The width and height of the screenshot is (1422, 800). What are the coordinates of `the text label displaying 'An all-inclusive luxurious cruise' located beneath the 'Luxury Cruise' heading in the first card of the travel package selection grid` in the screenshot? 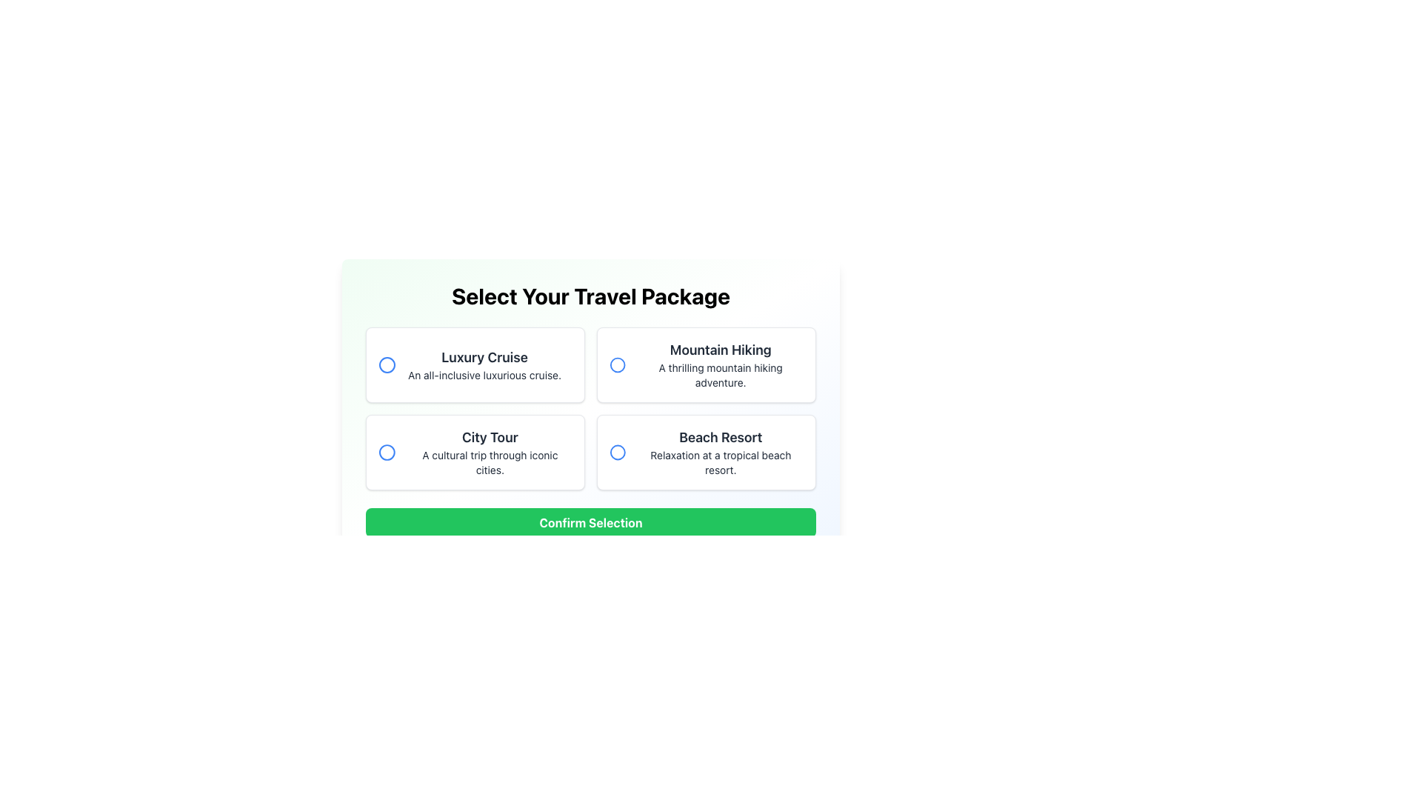 It's located at (484, 374).